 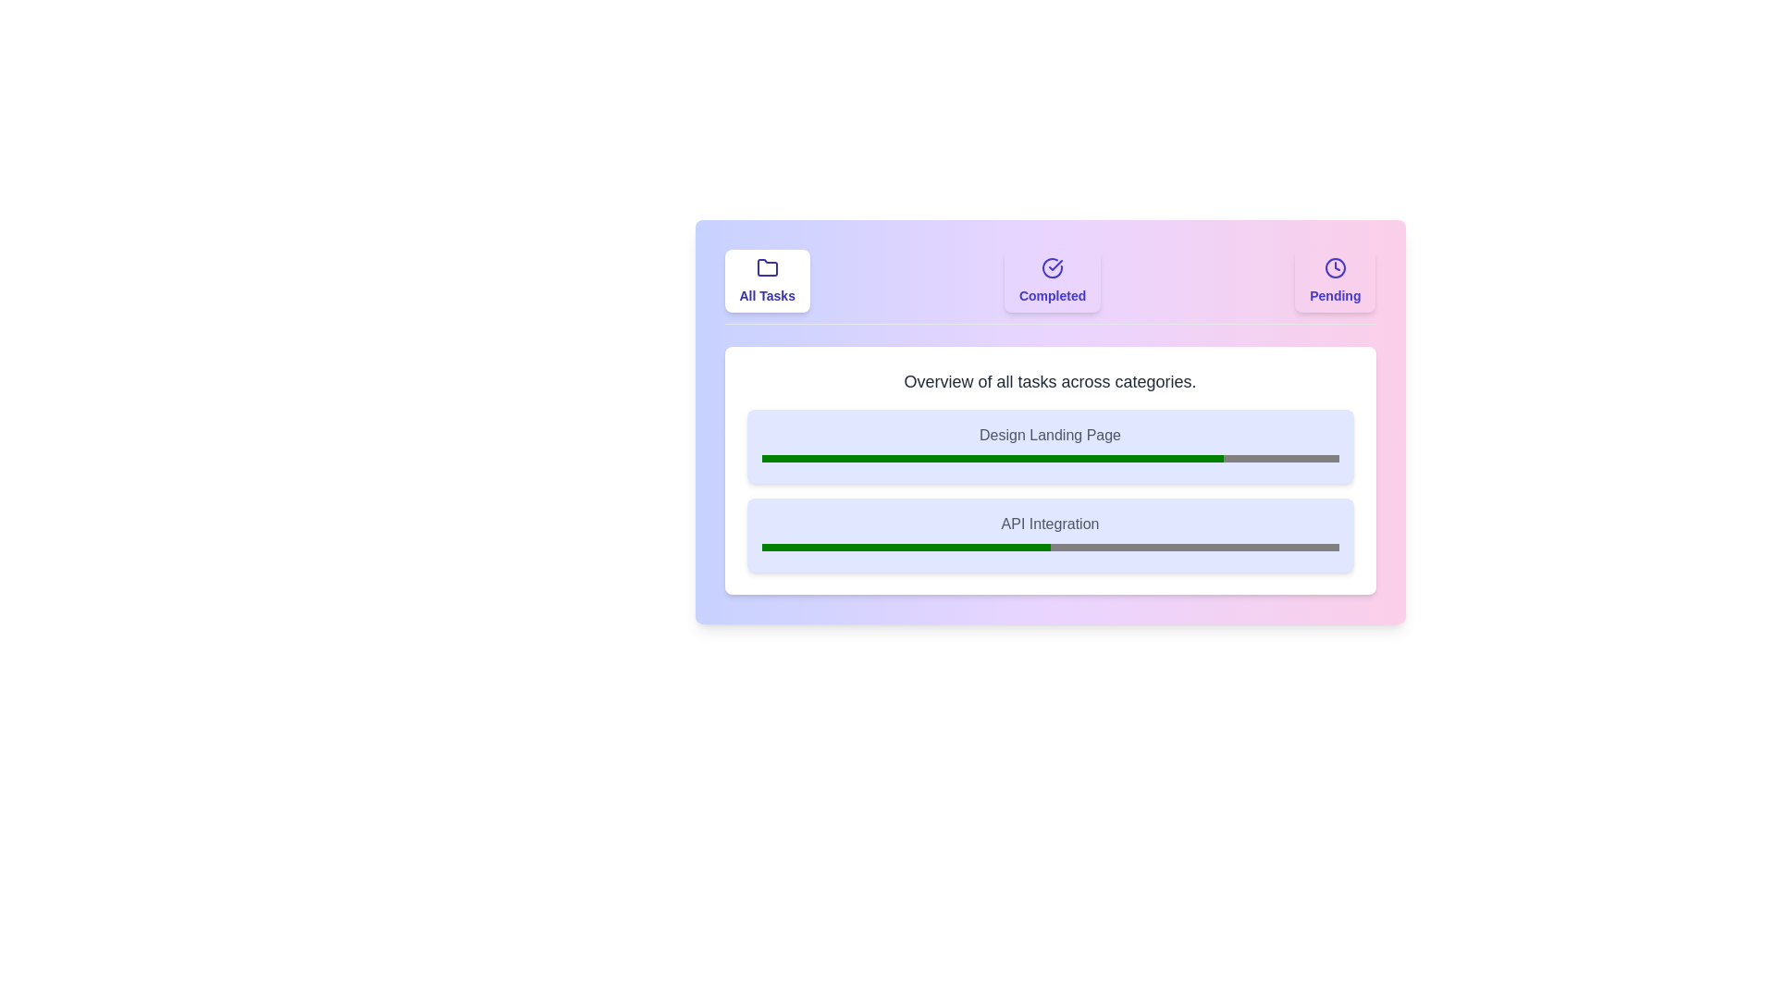 What do you see at coordinates (1053, 267) in the screenshot?
I see `the 'Completed' button which contains a circular icon with a checkmark outlined in purple, located in the upper center of the UI` at bounding box center [1053, 267].